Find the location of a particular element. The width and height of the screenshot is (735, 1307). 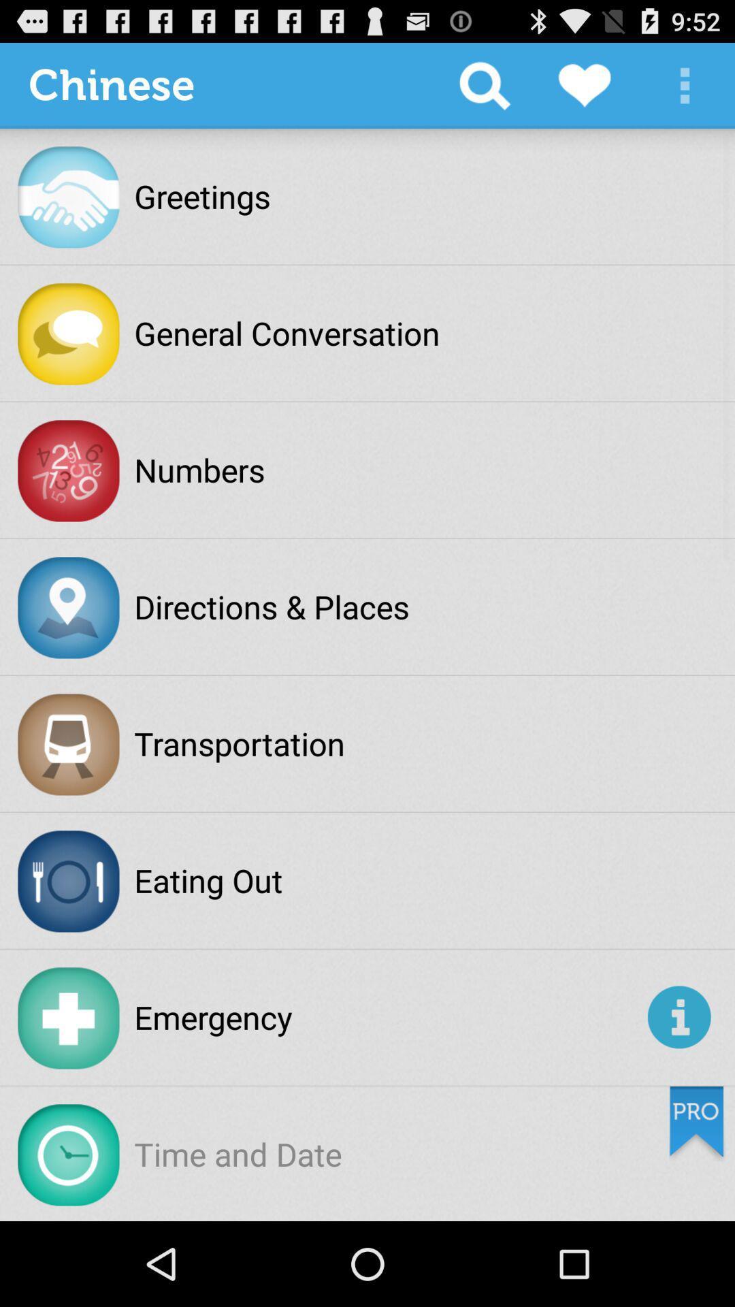

greetings icon is located at coordinates (202, 195).